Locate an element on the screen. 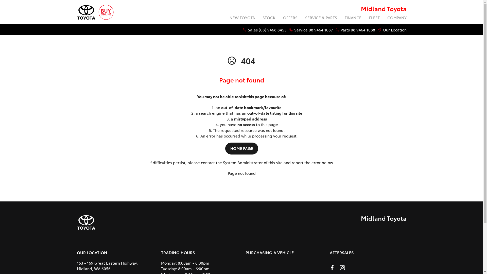  'Parts 08 9464 1088' is located at coordinates (357, 30).